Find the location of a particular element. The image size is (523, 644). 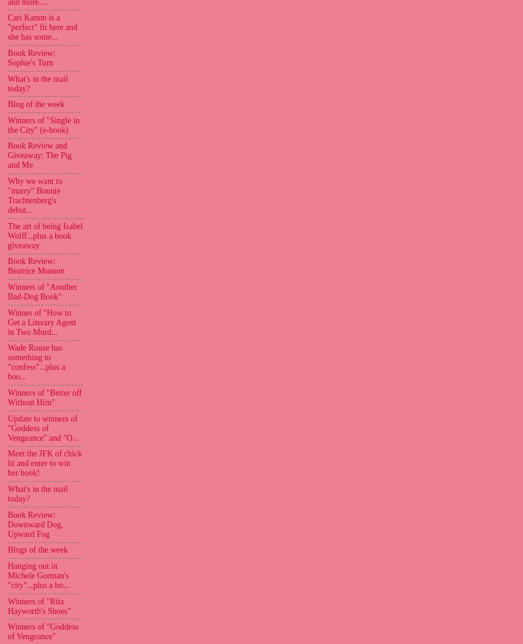

'Meet the JFK of chick lit and enter to win her book!' is located at coordinates (7, 462).